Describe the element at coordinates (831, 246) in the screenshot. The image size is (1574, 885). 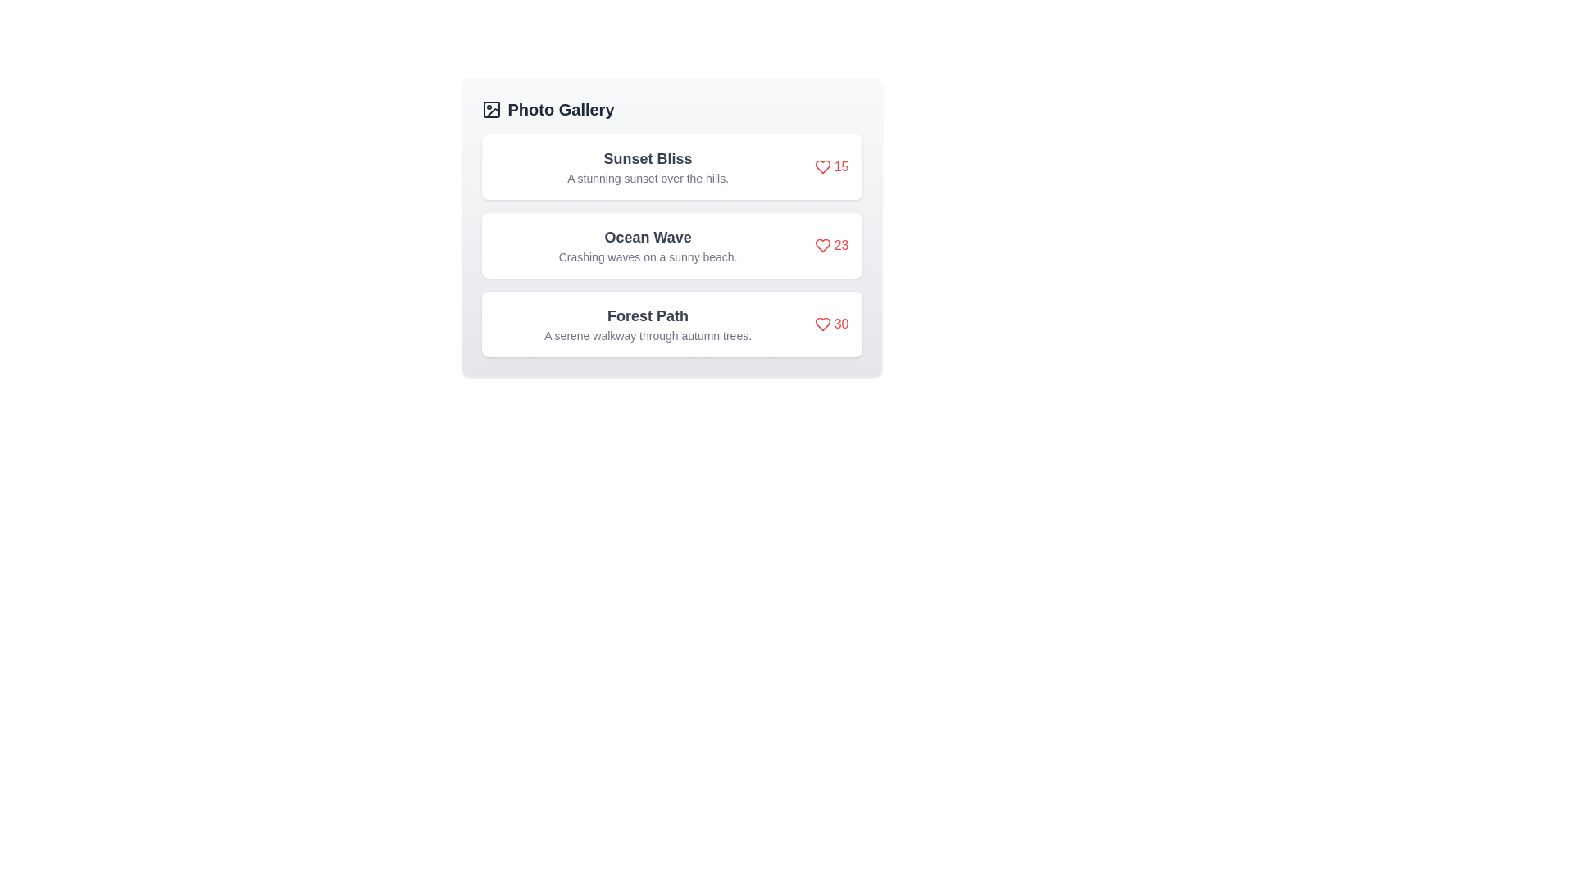
I see `like button for the photo titled Ocean Wave` at that location.